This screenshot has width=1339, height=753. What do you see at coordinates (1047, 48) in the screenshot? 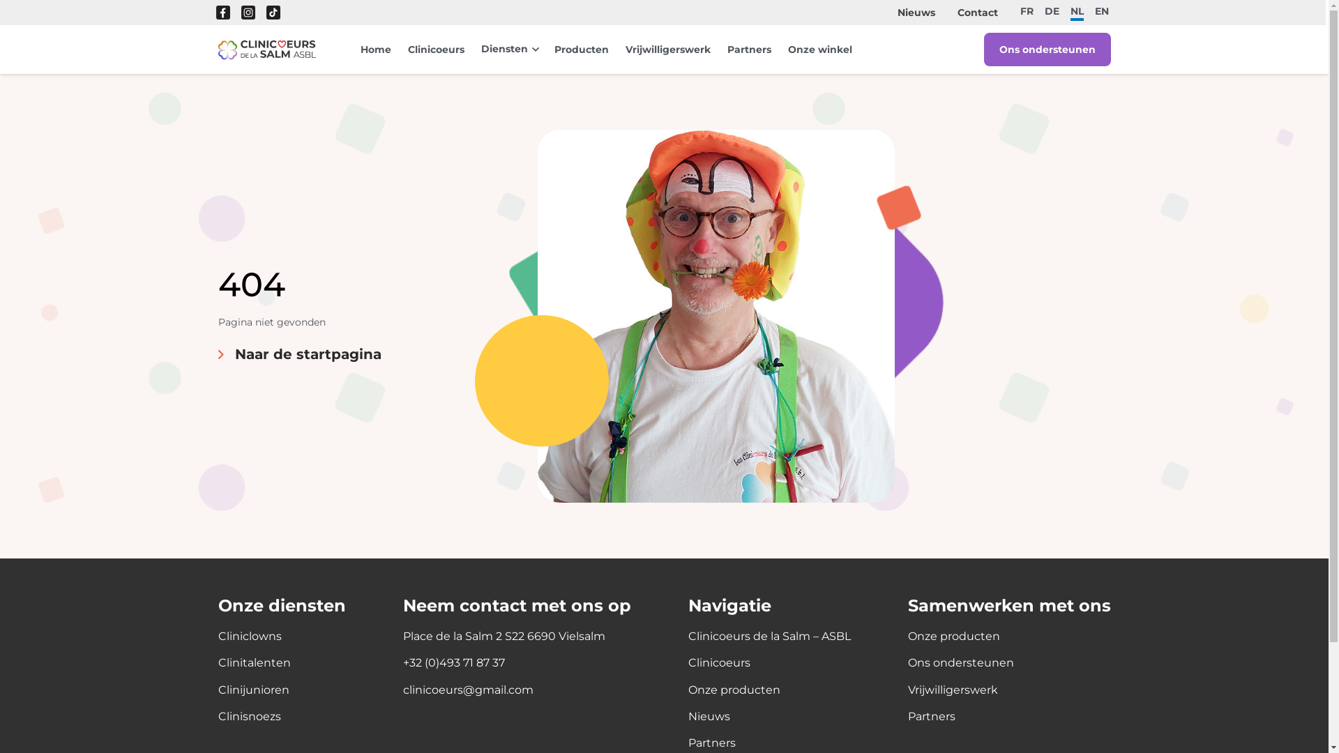
I see `'Ons ondersteunen'` at bounding box center [1047, 48].